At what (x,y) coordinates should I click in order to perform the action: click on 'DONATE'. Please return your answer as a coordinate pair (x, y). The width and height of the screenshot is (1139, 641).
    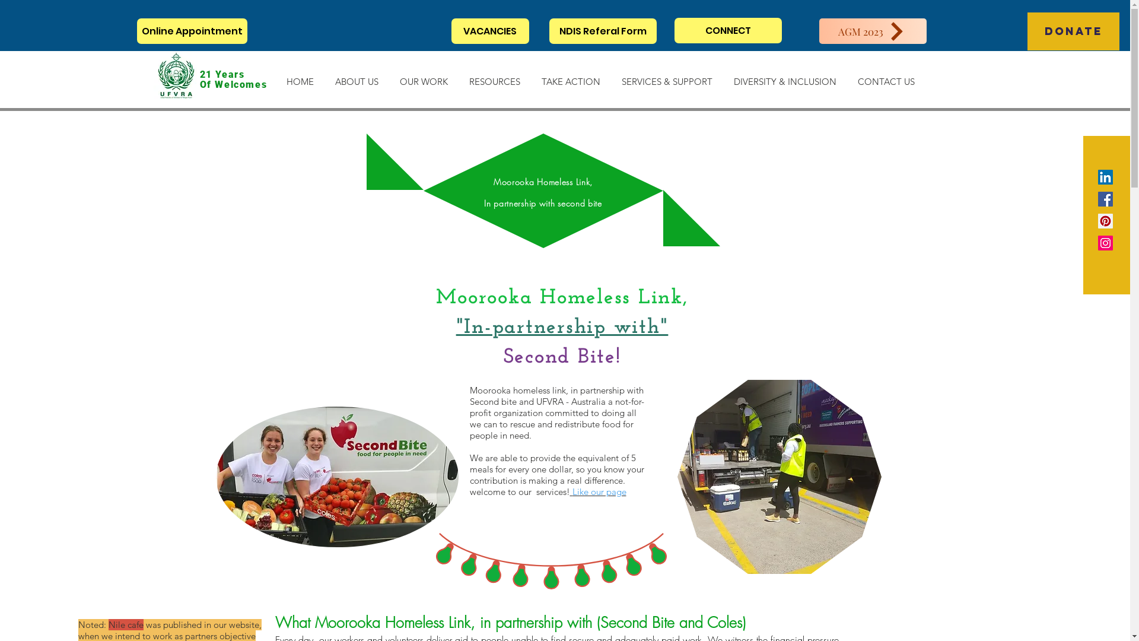
    Looking at the image, I should click on (1073, 31).